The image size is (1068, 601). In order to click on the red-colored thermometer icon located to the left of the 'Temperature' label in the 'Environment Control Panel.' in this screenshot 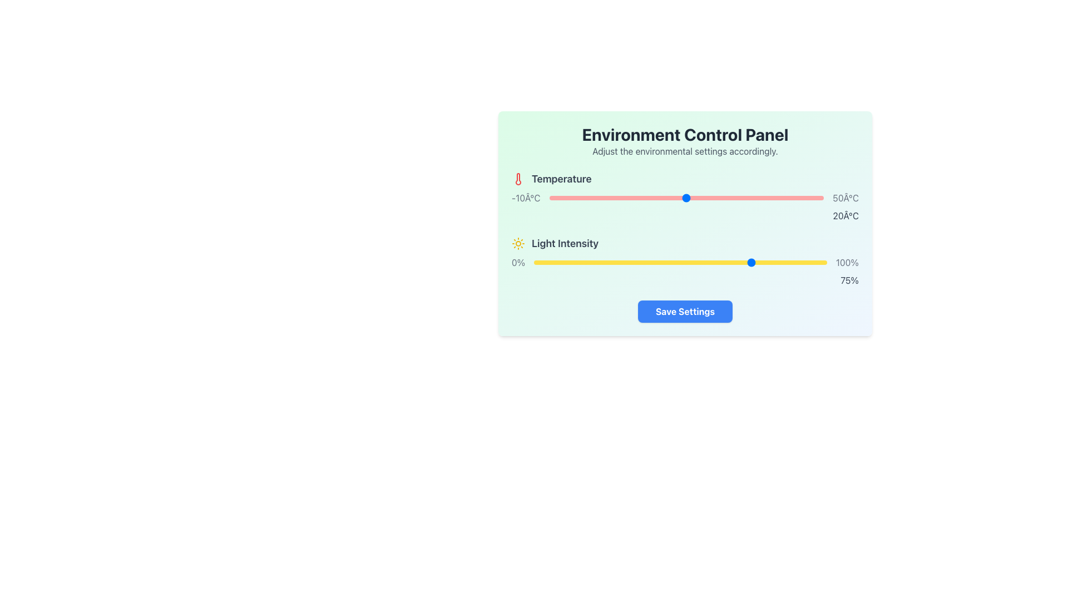, I will do `click(517, 178)`.